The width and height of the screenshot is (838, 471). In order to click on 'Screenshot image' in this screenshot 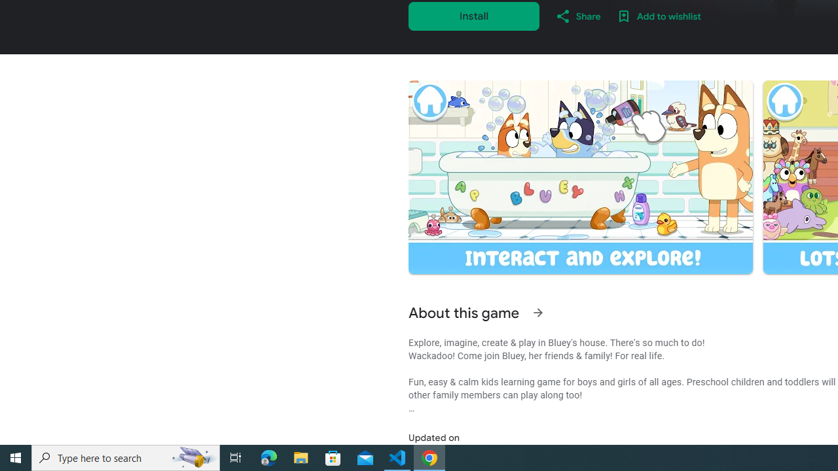, I will do `click(579, 177)`.